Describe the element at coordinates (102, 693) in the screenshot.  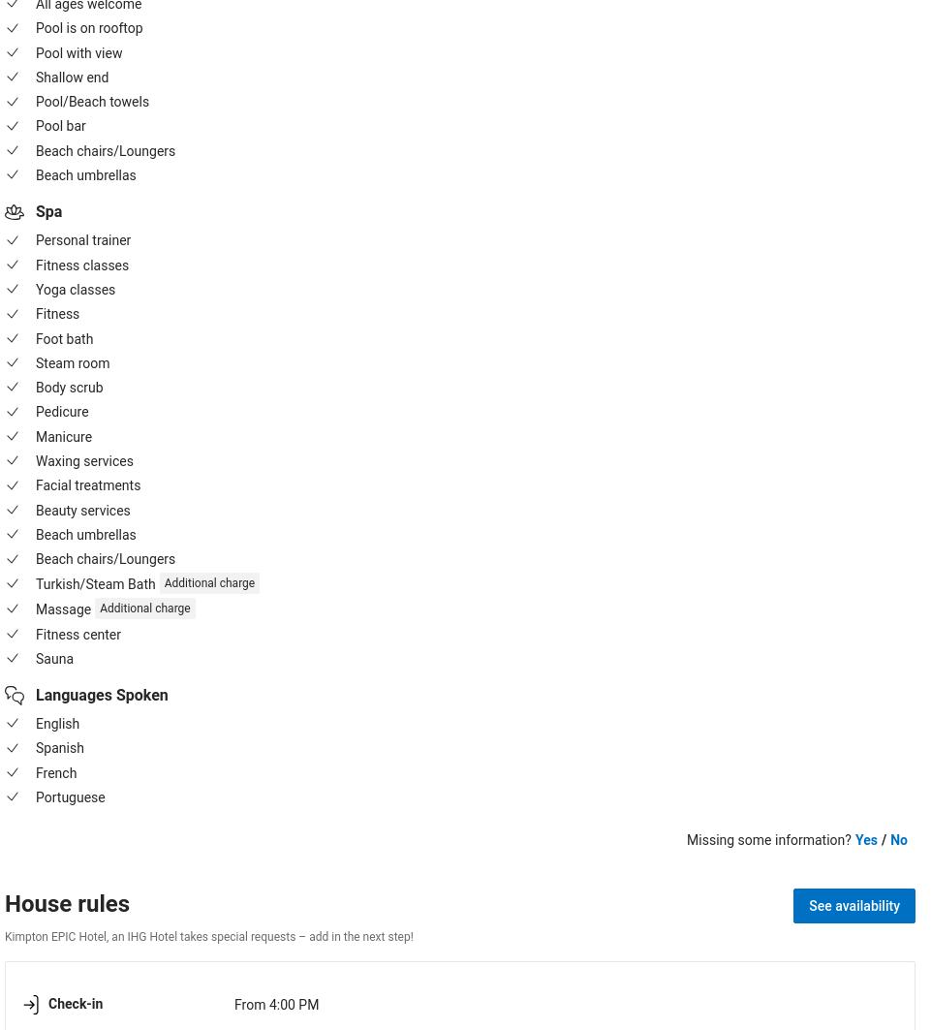
I see `'Languages Spoken'` at that location.